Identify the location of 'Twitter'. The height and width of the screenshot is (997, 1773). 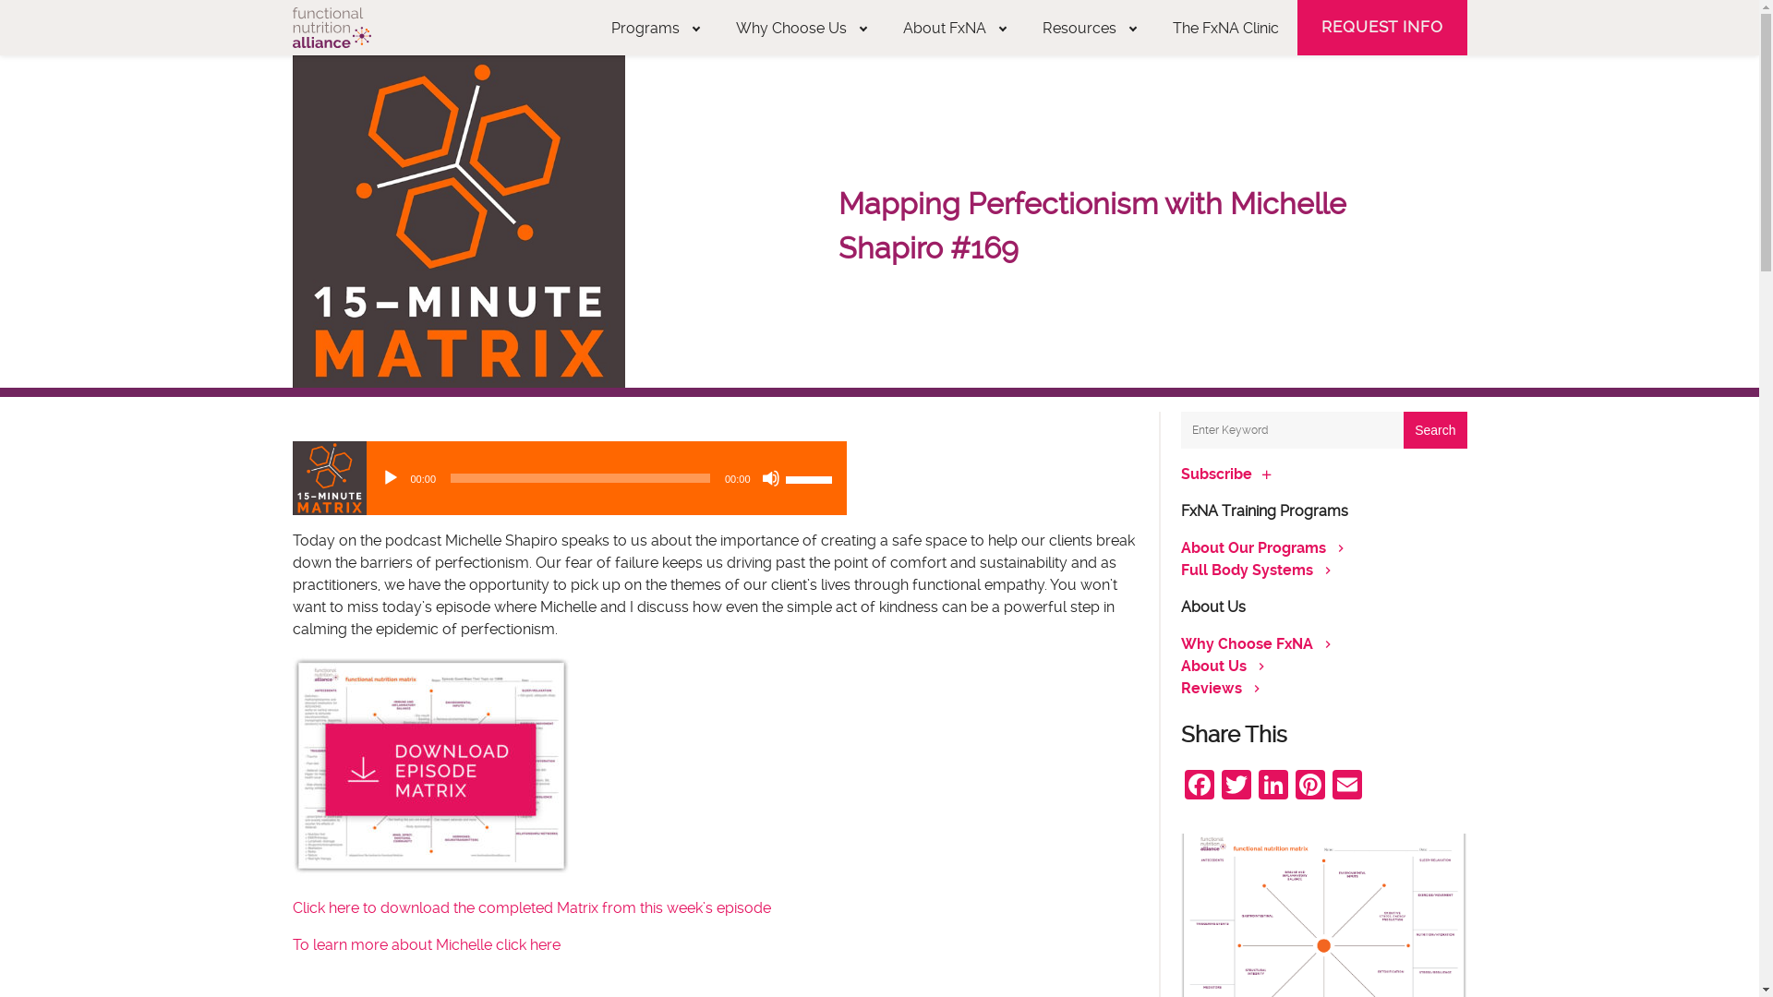
(1236, 787).